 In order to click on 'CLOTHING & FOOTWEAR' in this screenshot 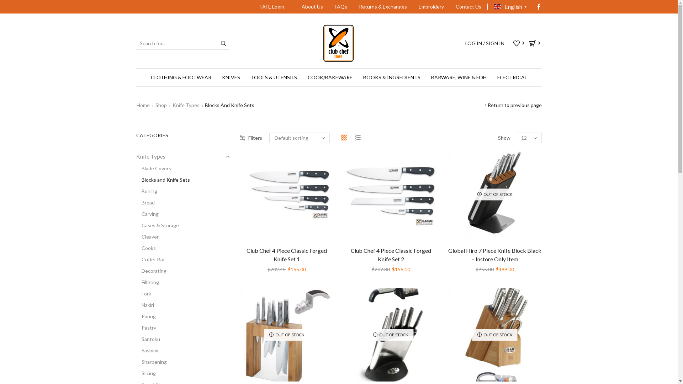, I will do `click(181, 78)`.